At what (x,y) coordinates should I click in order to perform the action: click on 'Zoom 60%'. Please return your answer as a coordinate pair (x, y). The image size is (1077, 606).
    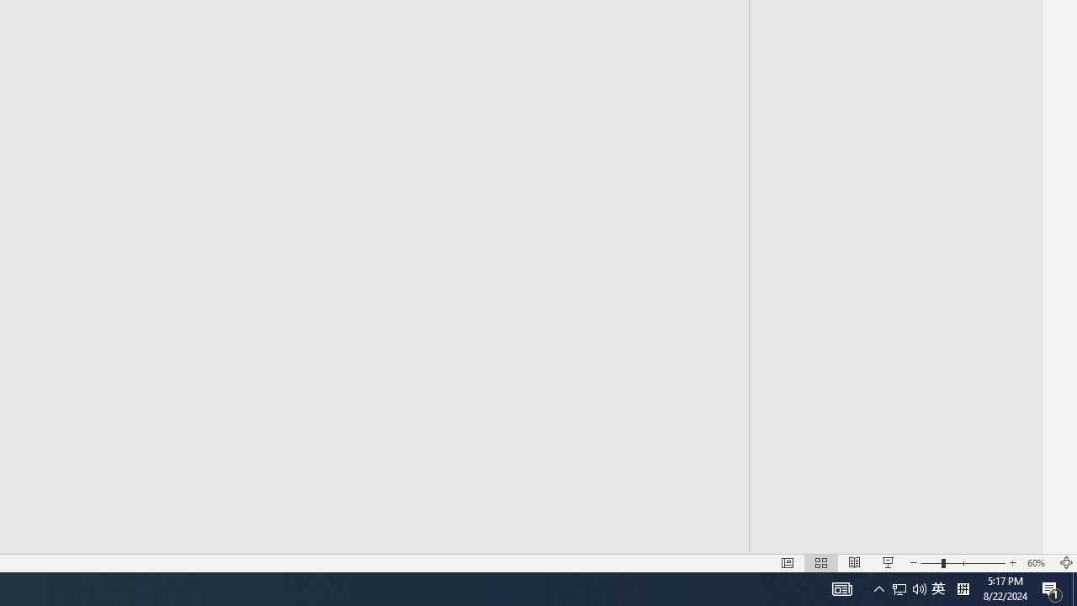
    Looking at the image, I should click on (1037, 563).